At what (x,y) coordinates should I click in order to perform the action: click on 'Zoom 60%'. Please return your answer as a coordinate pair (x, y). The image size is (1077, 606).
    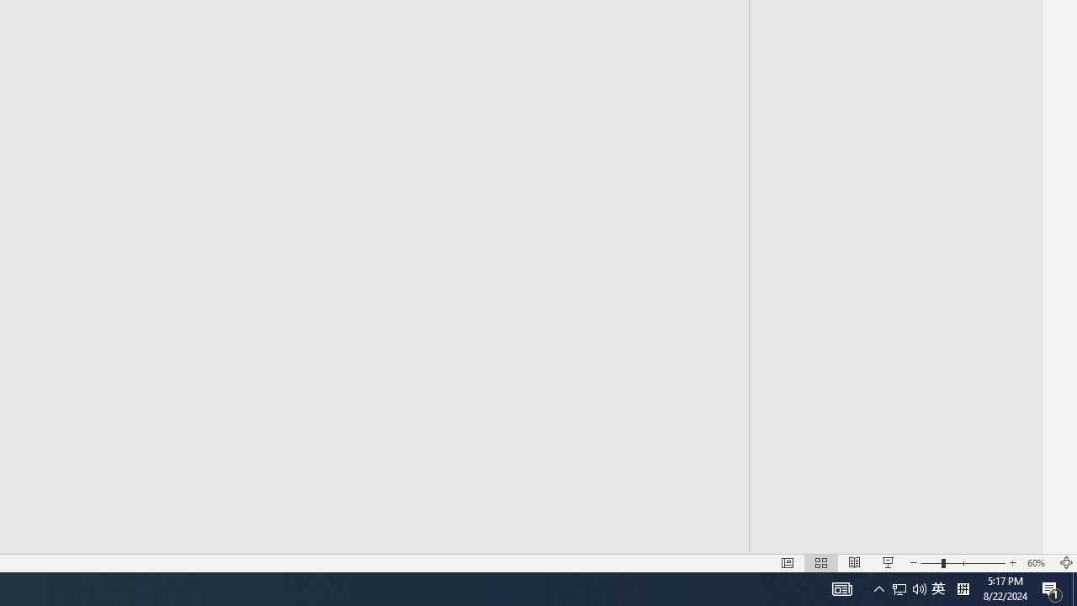
    Looking at the image, I should click on (1037, 563).